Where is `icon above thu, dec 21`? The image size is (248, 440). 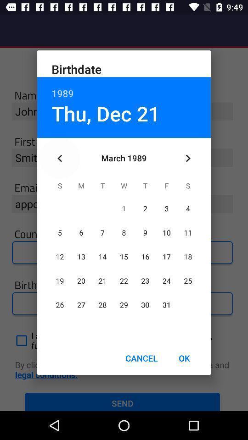 icon above thu, dec 21 is located at coordinates (124, 88).